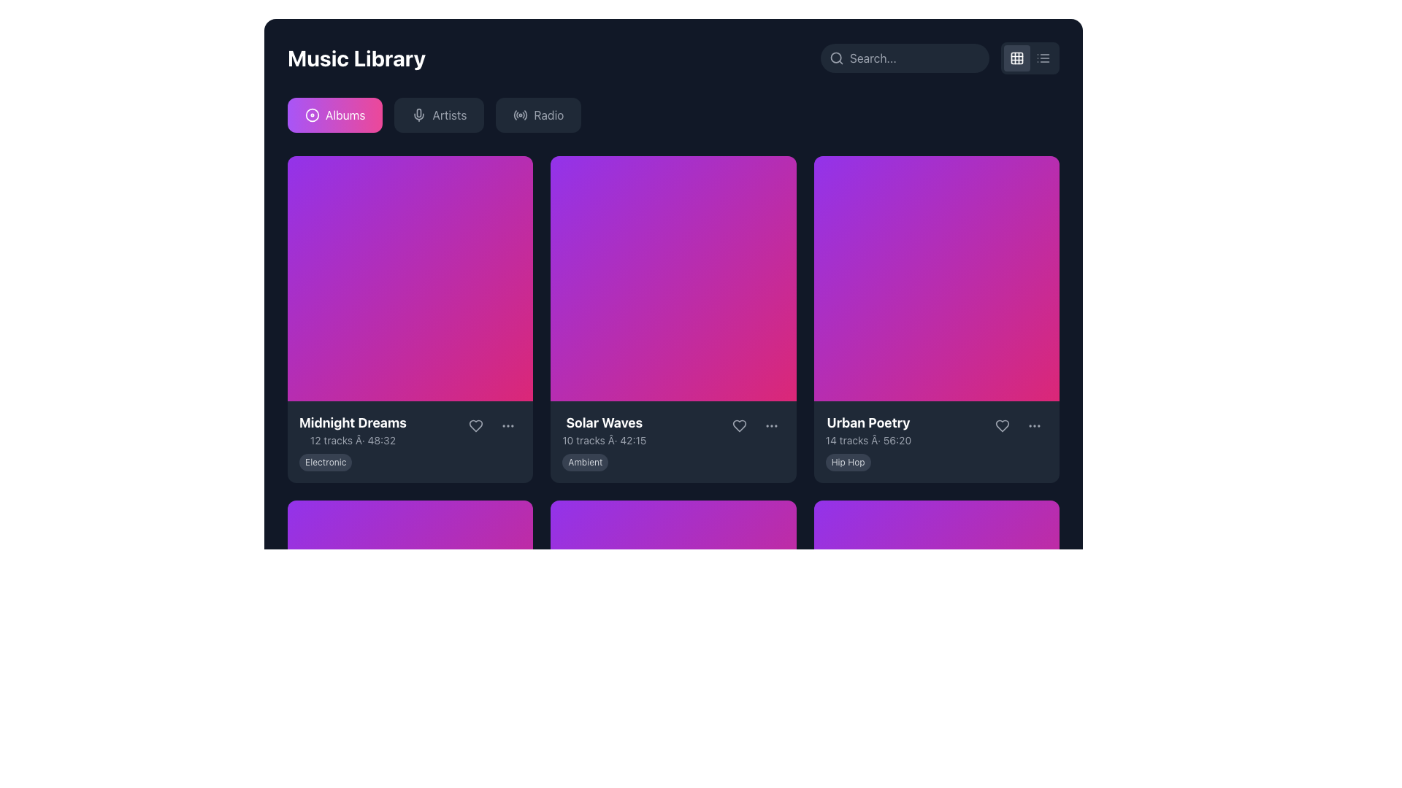 This screenshot has height=788, width=1402. Describe the element at coordinates (837, 58) in the screenshot. I see `the magnifying glass icon located in the search bar at the top-right corner of the application interface` at that location.